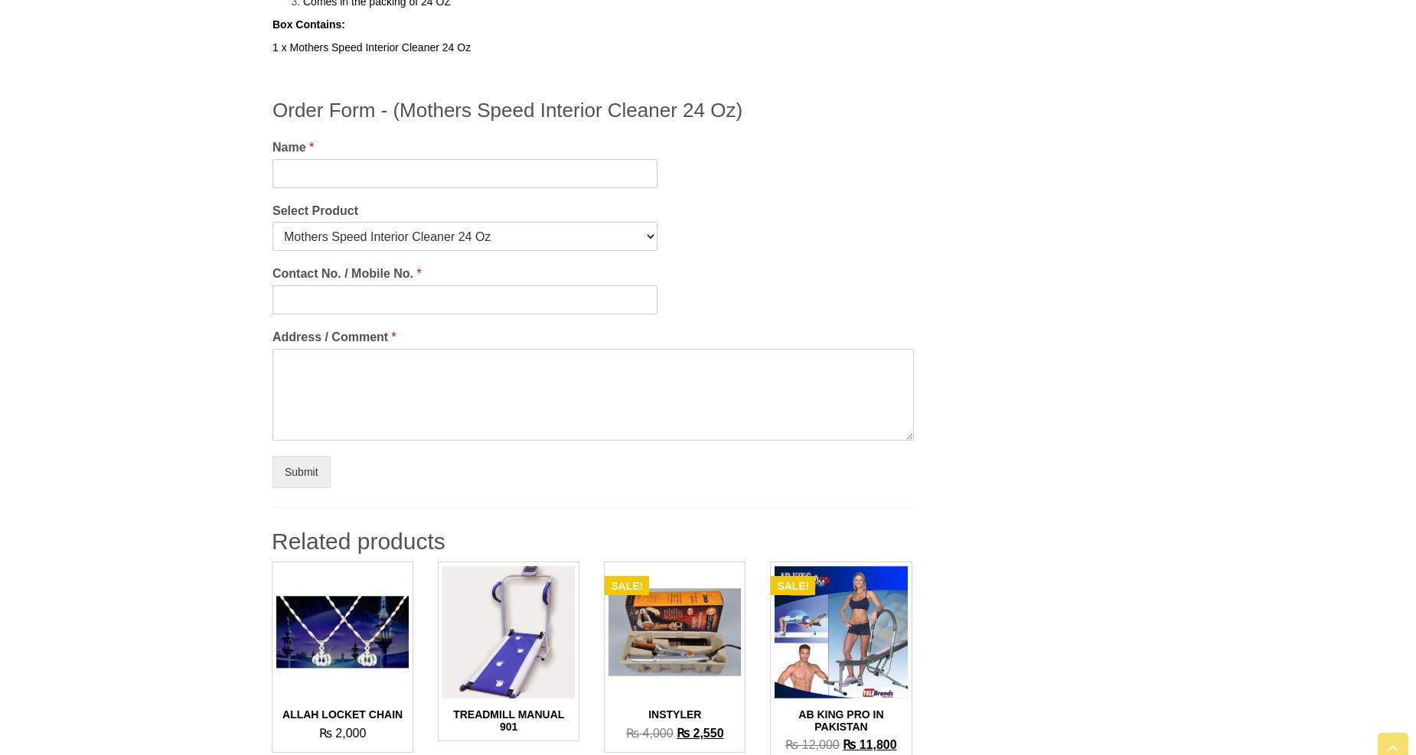 The image size is (1416, 755). I want to click on '2,550', so click(706, 732).